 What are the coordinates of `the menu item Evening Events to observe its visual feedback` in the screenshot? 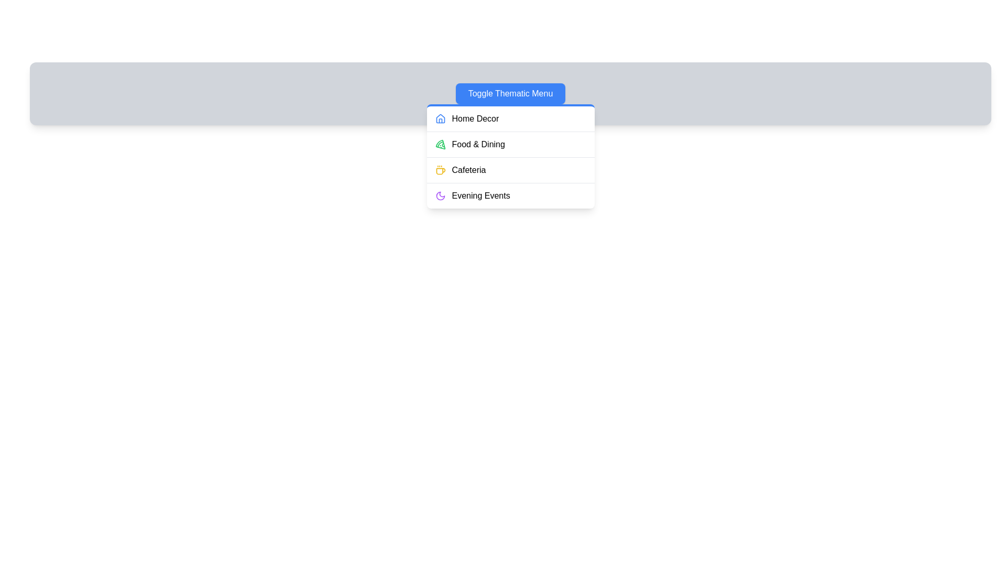 It's located at (510, 195).